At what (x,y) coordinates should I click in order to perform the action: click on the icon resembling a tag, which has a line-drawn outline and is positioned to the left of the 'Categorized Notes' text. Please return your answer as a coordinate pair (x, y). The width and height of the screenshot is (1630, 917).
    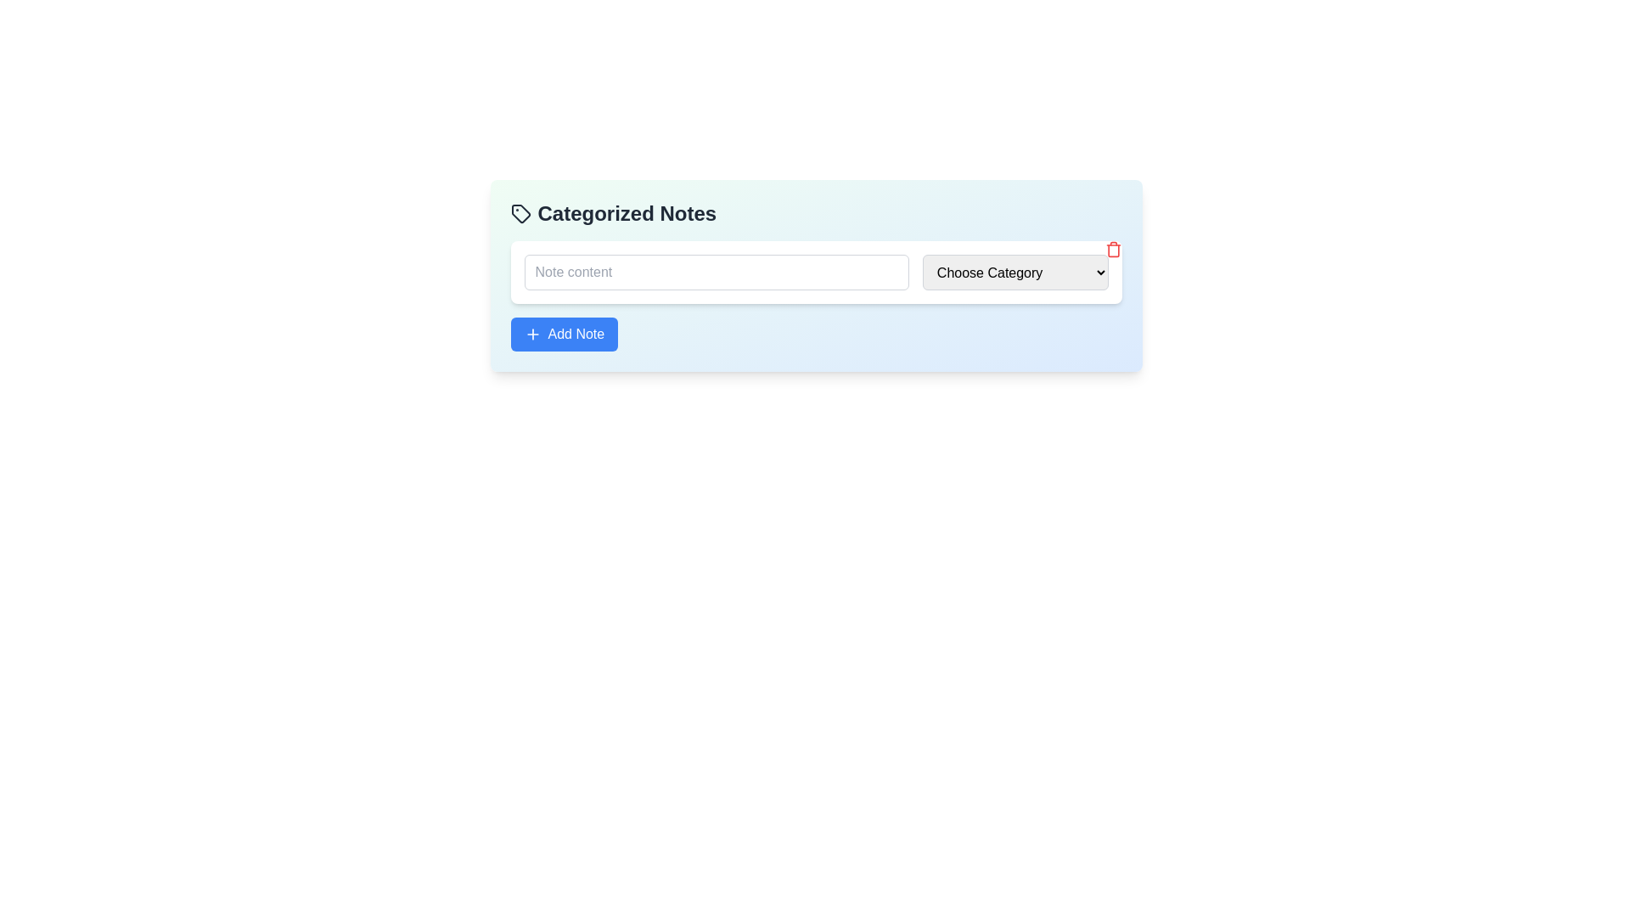
    Looking at the image, I should click on (520, 212).